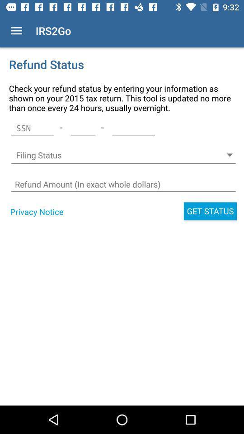  I want to click on refund amount, so click(123, 184).